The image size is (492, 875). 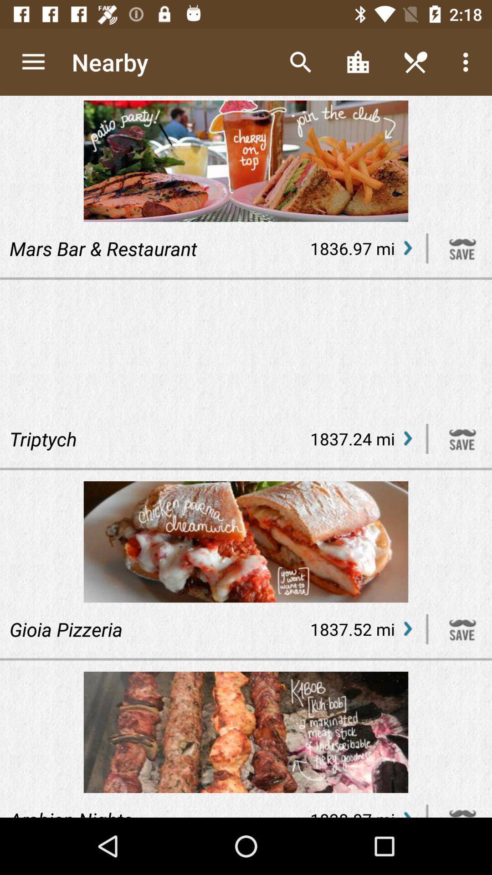 I want to click on app next to the nearby icon, so click(x=33, y=62).